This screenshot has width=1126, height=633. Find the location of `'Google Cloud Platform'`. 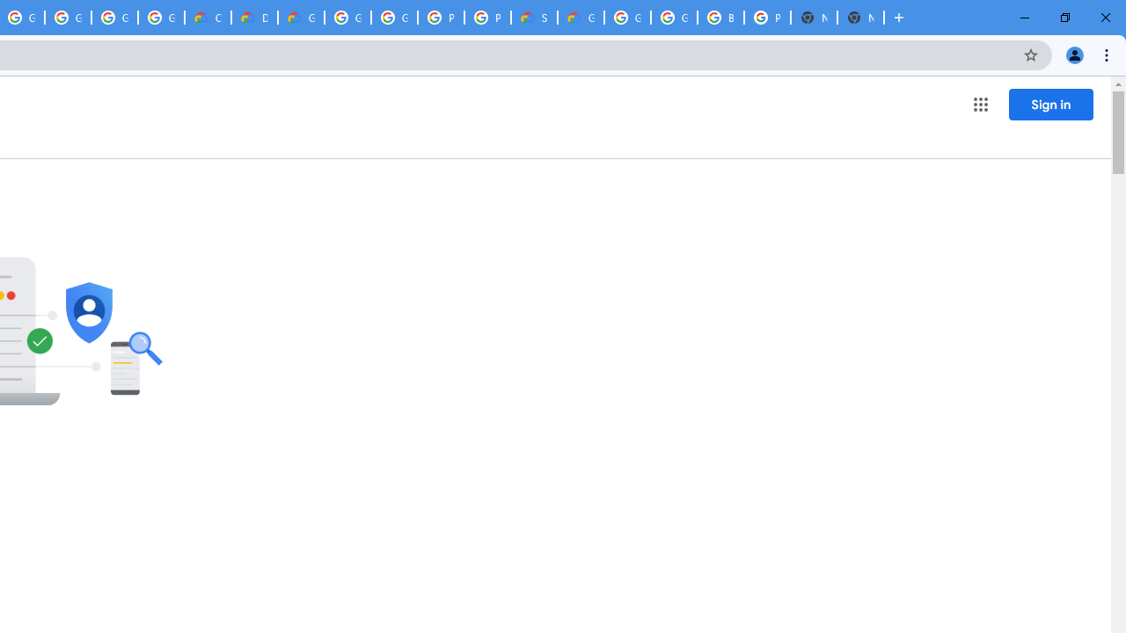

'Google Cloud Platform' is located at coordinates (393, 18).